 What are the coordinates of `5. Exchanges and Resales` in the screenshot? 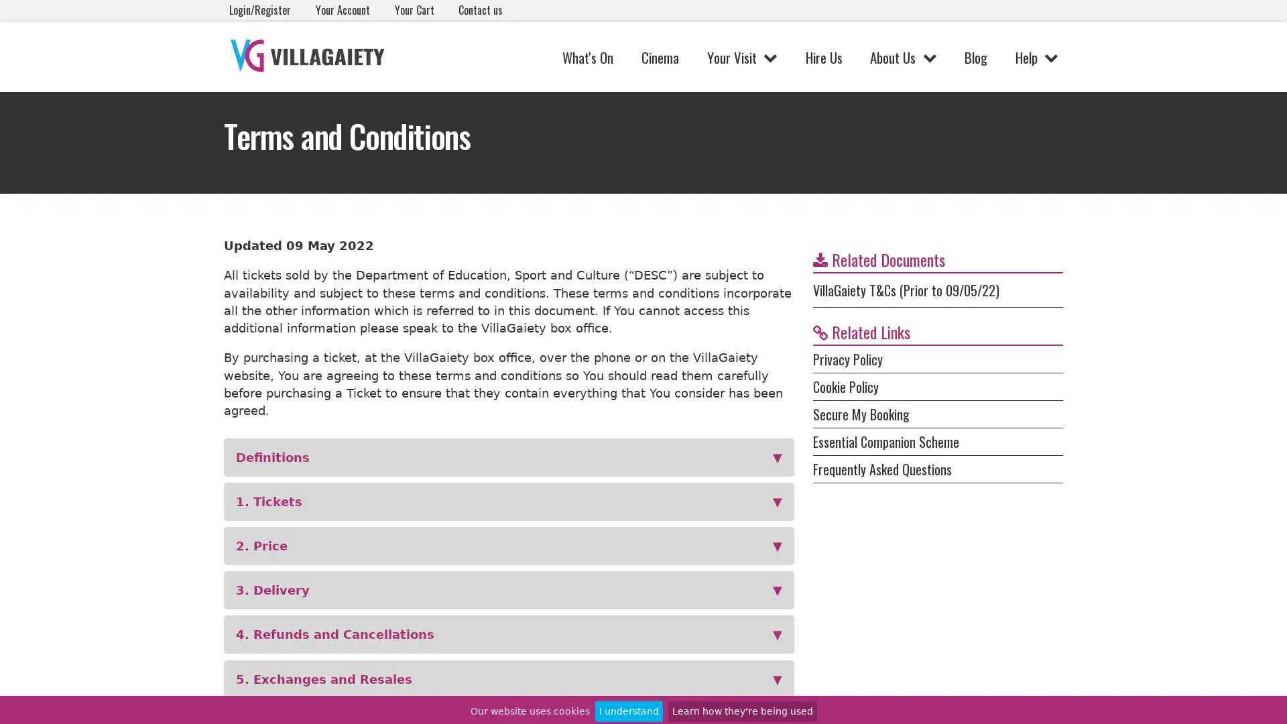 It's located at (508, 678).